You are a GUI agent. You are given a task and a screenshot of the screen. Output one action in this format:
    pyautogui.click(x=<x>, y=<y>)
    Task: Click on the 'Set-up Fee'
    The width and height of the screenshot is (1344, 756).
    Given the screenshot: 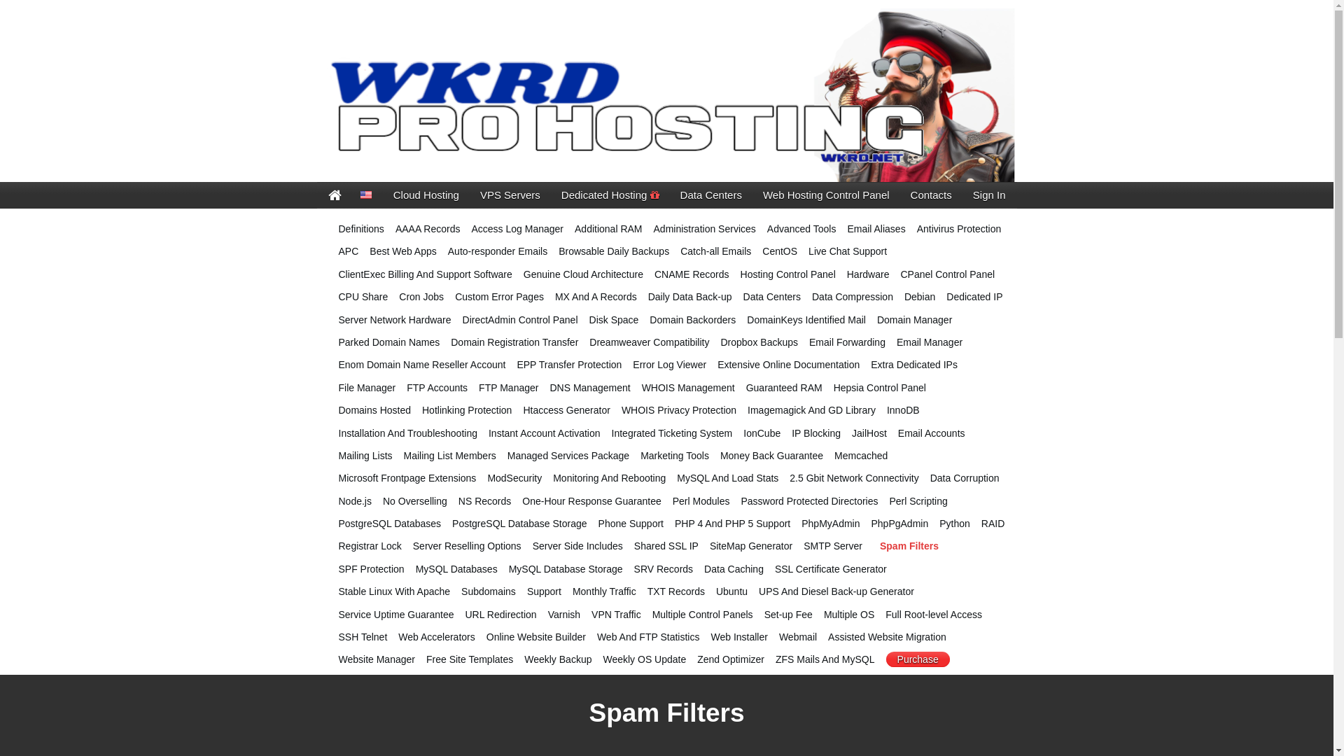 What is the action you would take?
    pyautogui.click(x=788, y=614)
    